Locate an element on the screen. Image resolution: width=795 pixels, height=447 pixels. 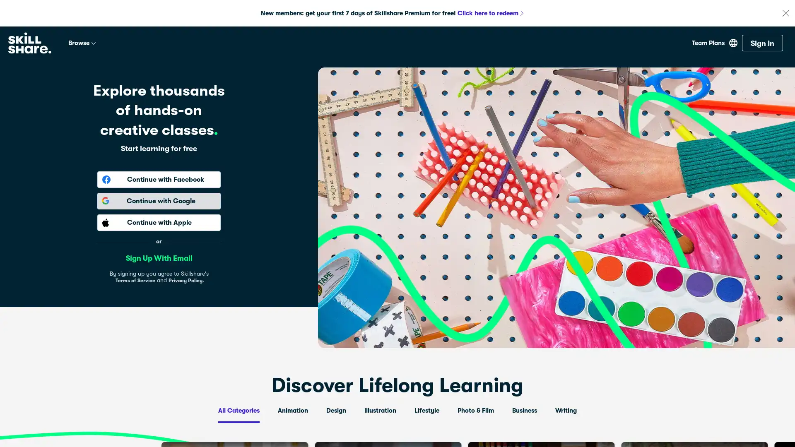
Photo & Film is located at coordinates (475, 413).